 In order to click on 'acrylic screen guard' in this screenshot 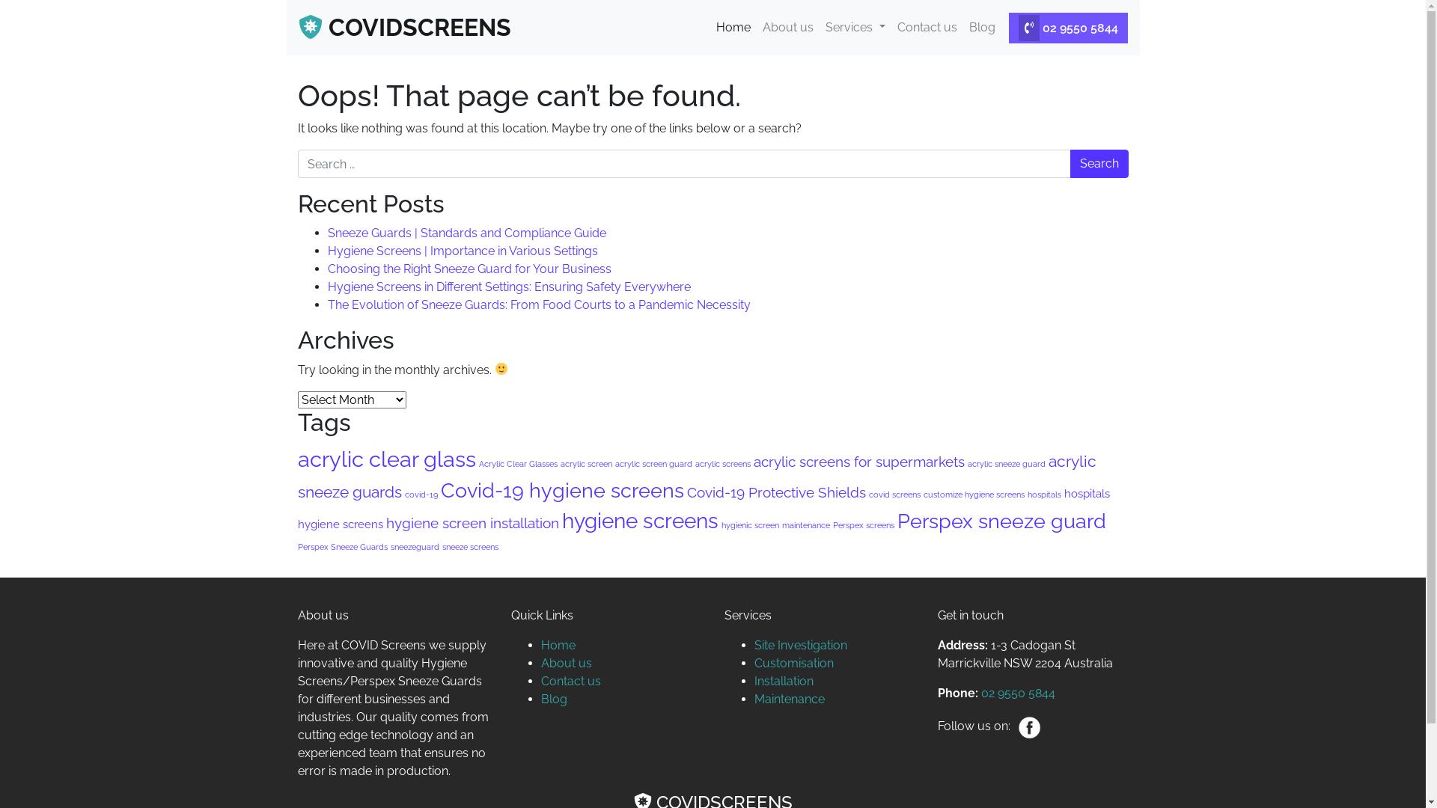, I will do `click(653, 463)`.